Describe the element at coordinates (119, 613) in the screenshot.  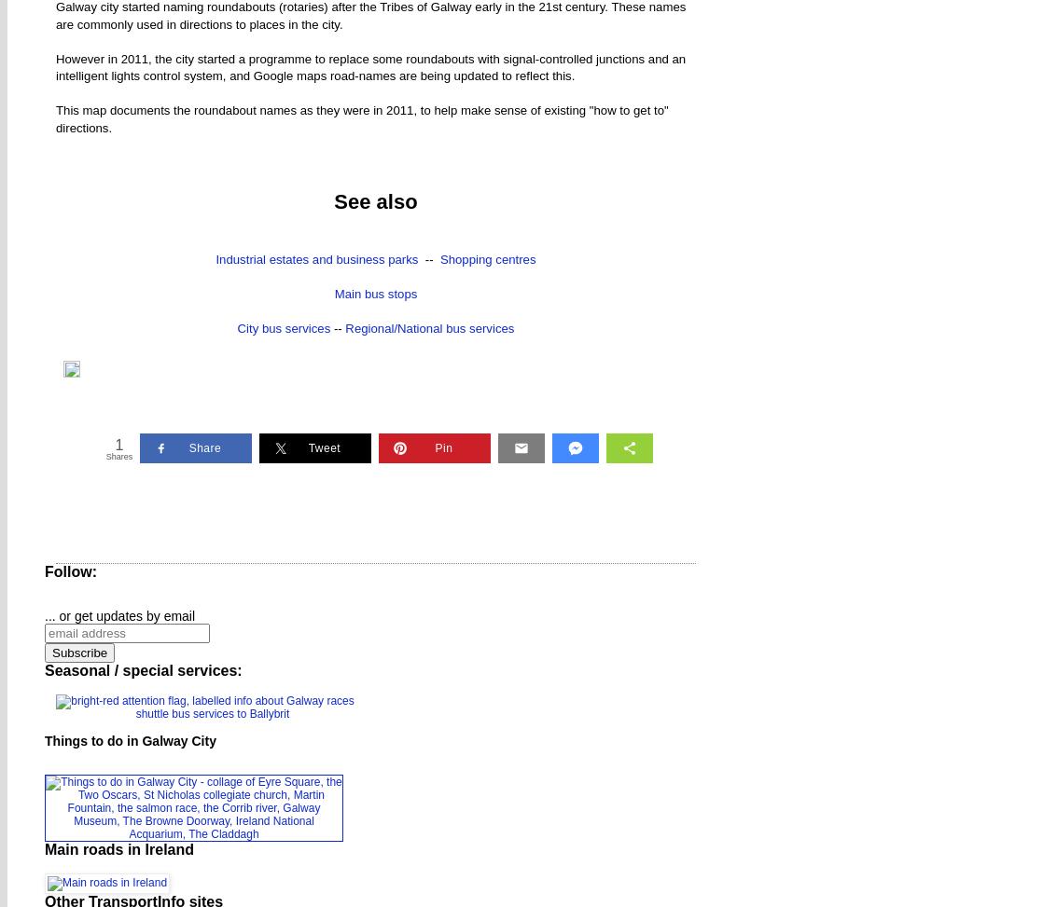
I see `'... or get updates by email'` at that location.